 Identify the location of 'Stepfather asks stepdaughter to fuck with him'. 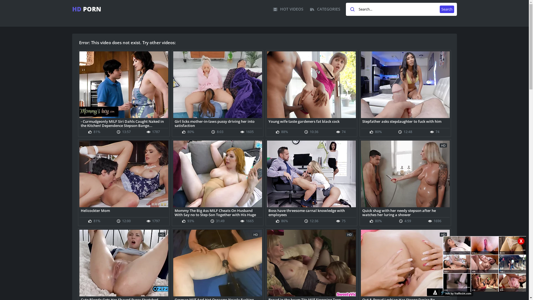
(405, 123).